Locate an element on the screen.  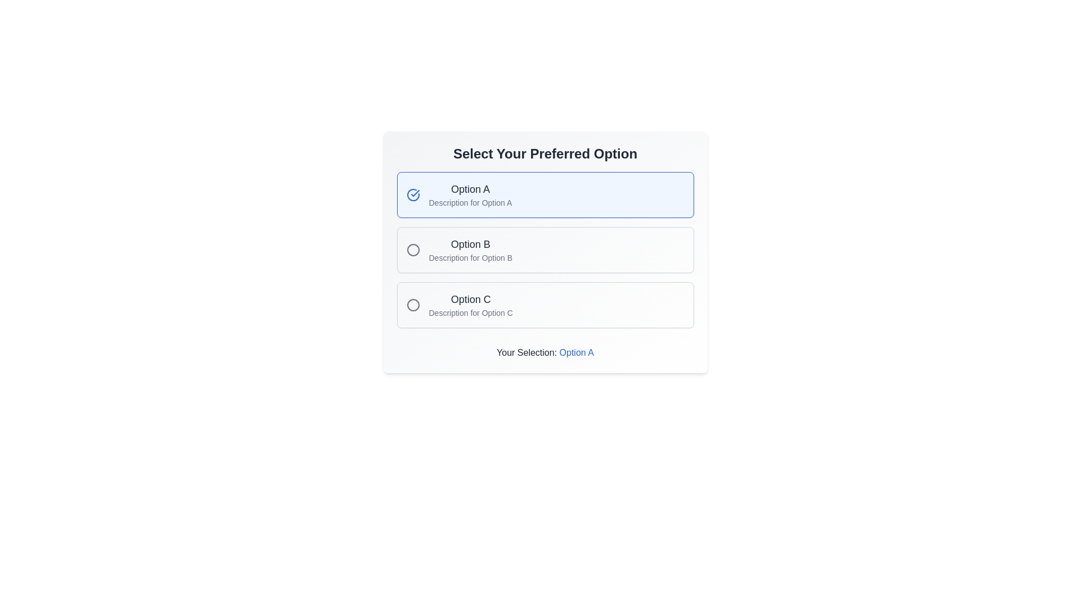
the graphical circle that indicates 'Option B' in the vertically arranged list of options is located at coordinates (412, 249).